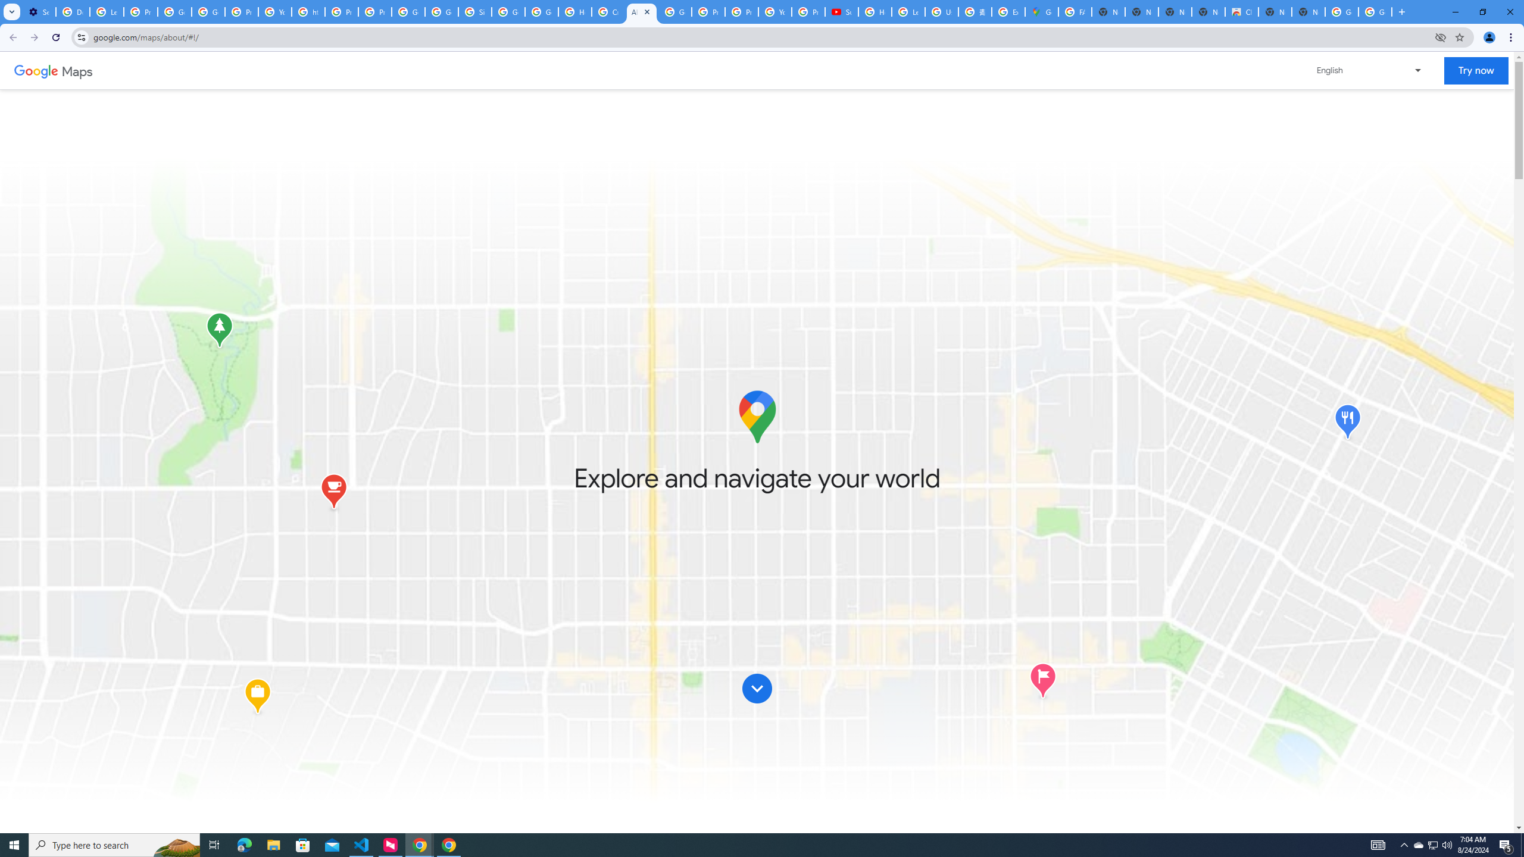  Describe the element at coordinates (474, 11) in the screenshot. I see `'Sign in - Google Accounts'` at that location.